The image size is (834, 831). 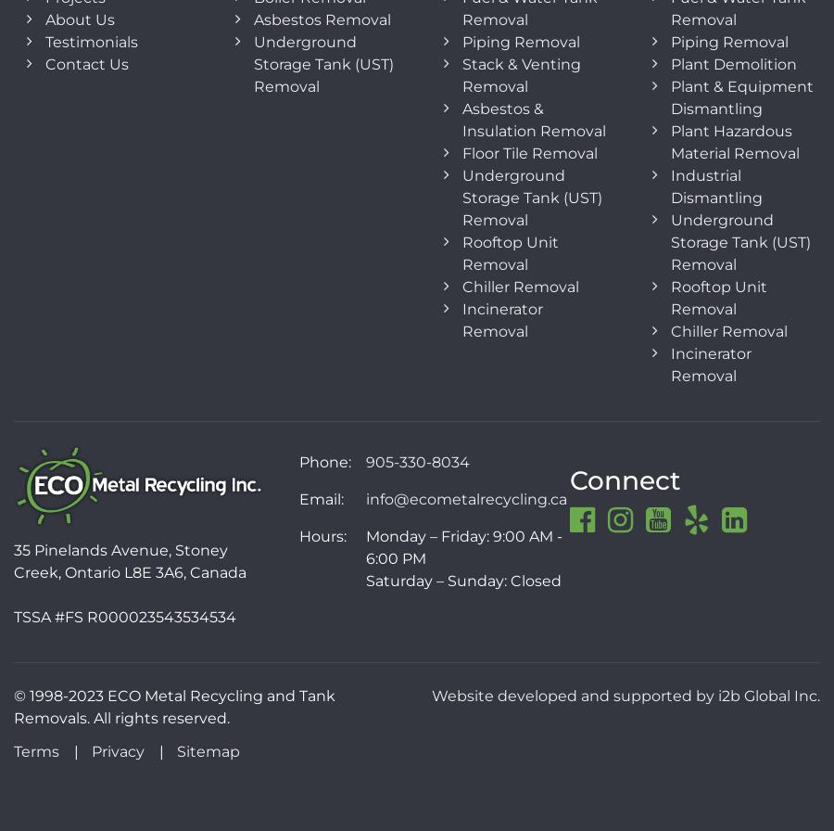 I want to click on 'Testimonials', so click(x=91, y=41).